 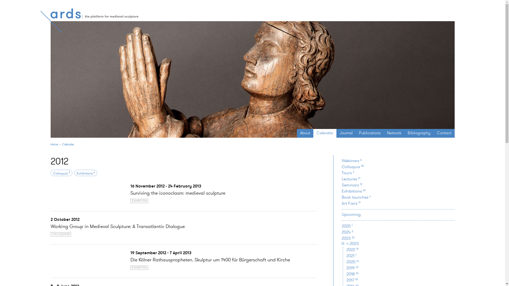 What do you see at coordinates (165, 186) in the screenshot?
I see `'16 November 2012 - 24 February 2013'` at bounding box center [165, 186].